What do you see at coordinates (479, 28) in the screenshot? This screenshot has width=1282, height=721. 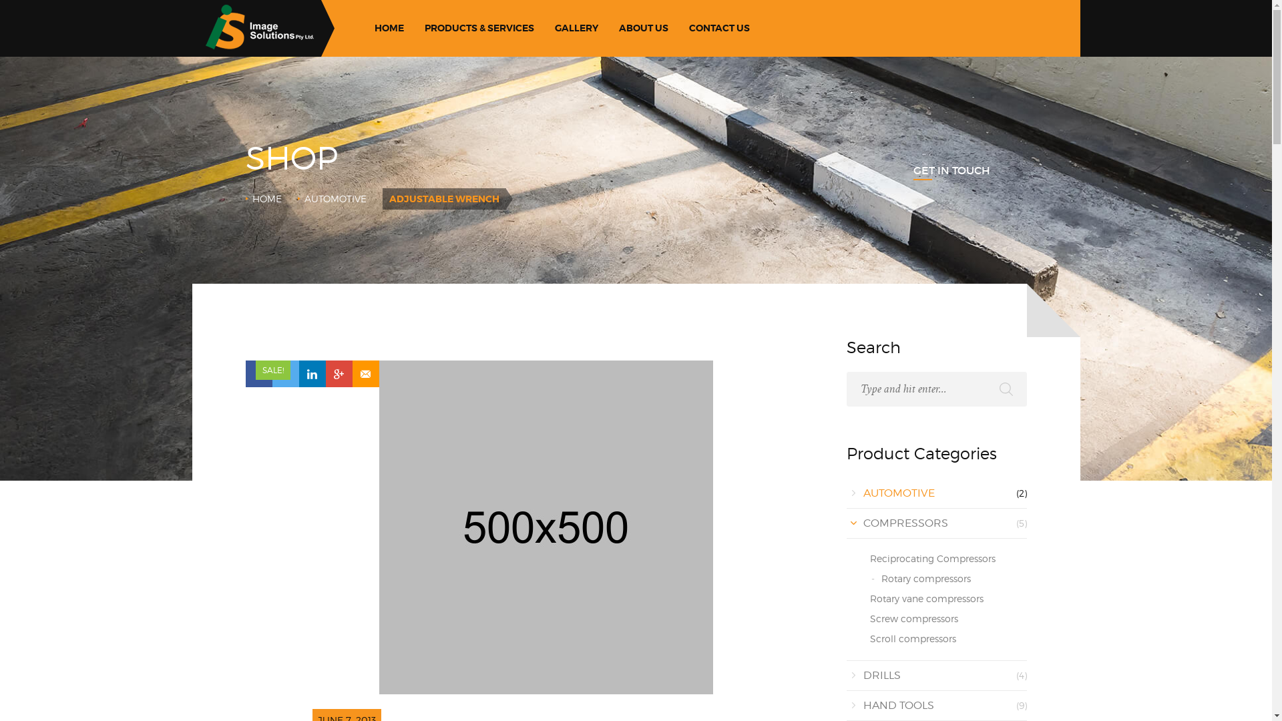 I see `'PRODUCTS & SERVICES'` at bounding box center [479, 28].